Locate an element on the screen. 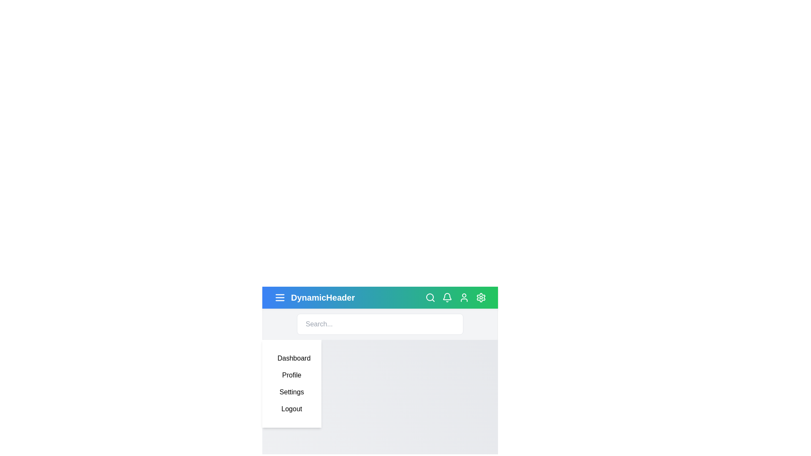 The height and width of the screenshot is (456, 811). the 'Profile' menu item is located at coordinates (291, 375).